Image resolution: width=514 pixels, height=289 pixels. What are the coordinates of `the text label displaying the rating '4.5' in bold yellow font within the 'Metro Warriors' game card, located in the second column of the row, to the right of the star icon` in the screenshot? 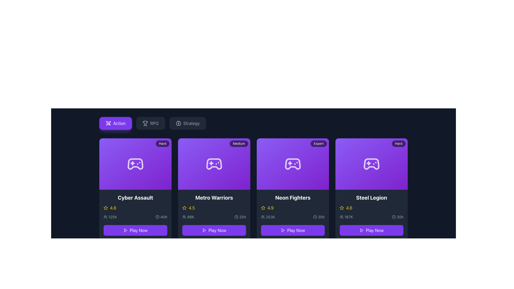 It's located at (192, 207).